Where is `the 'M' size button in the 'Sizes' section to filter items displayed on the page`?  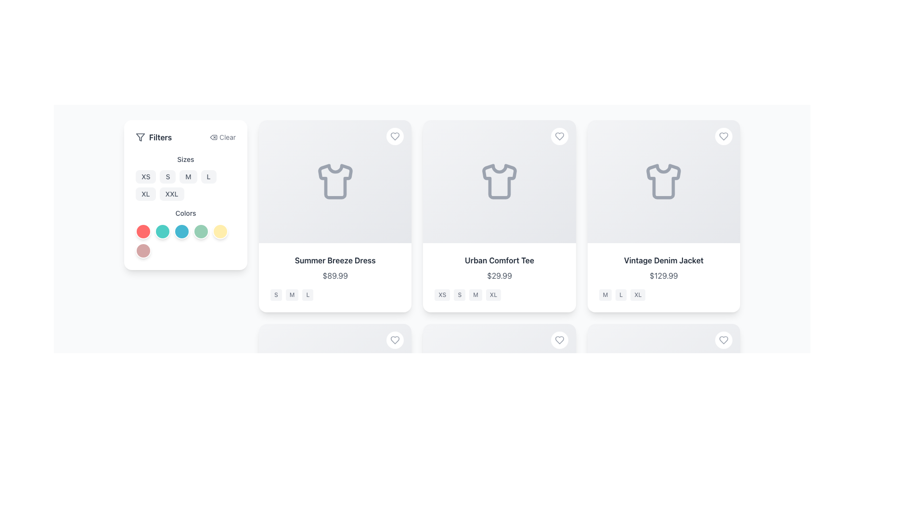
the 'M' size button in the 'Sizes' section to filter items displayed on the page is located at coordinates (188, 176).